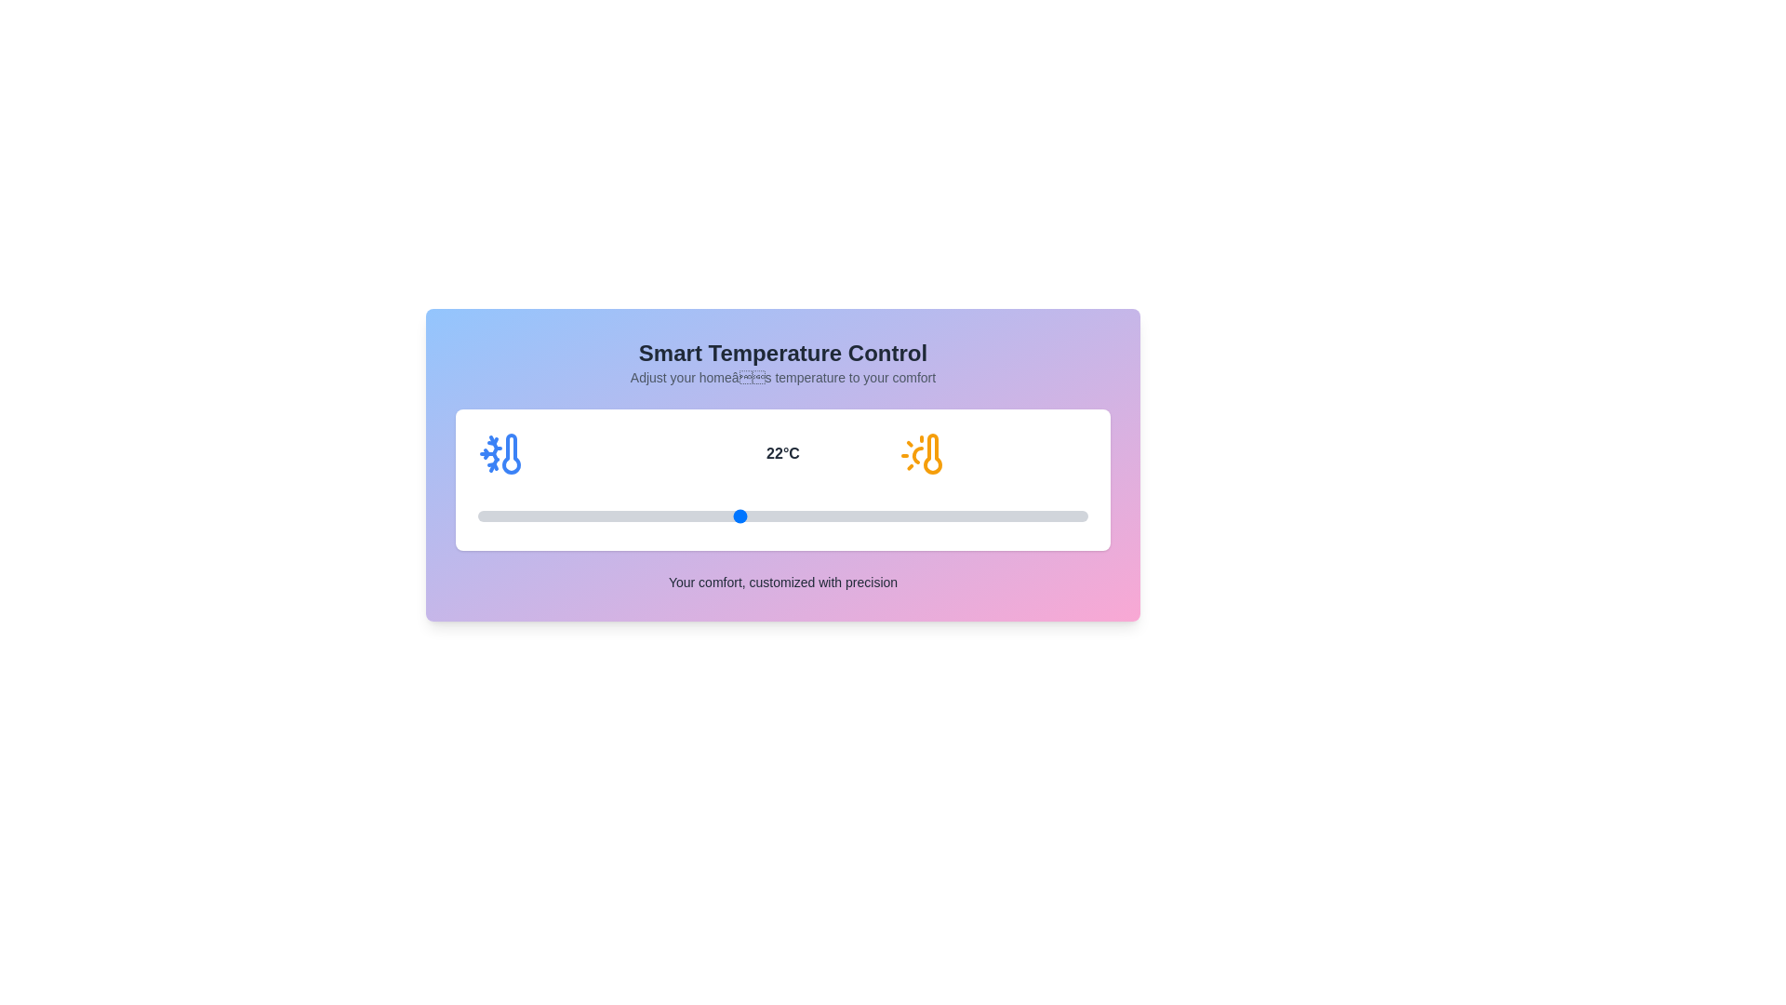 This screenshot has width=1786, height=1005. Describe the element at coordinates (477, 516) in the screenshot. I see `the temperature to 16°C by interacting with the slider` at that location.